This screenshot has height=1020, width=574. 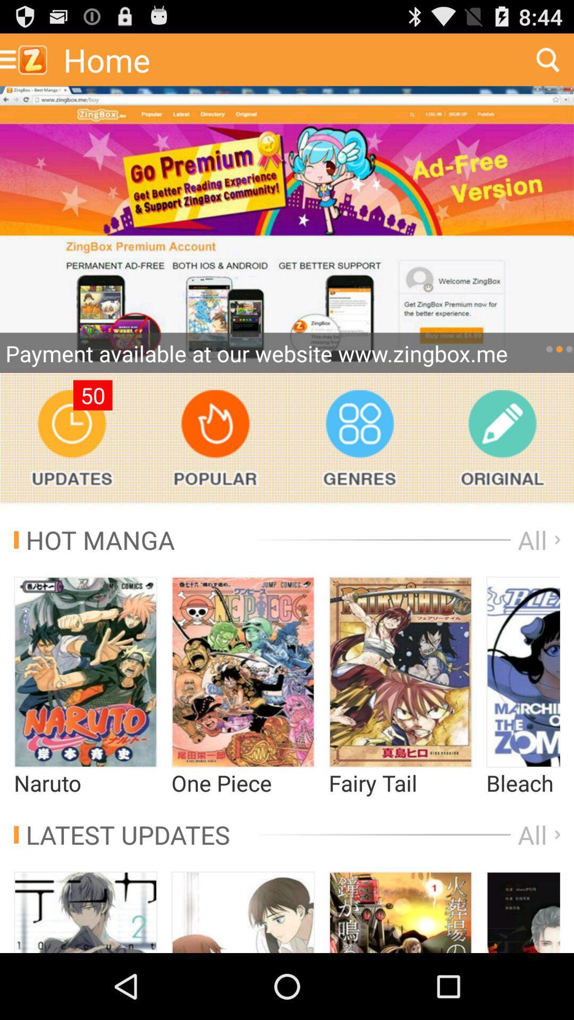 What do you see at coordinates (502, 438) in the screenshot?
I see `original works` at bounding box center [502, 438].